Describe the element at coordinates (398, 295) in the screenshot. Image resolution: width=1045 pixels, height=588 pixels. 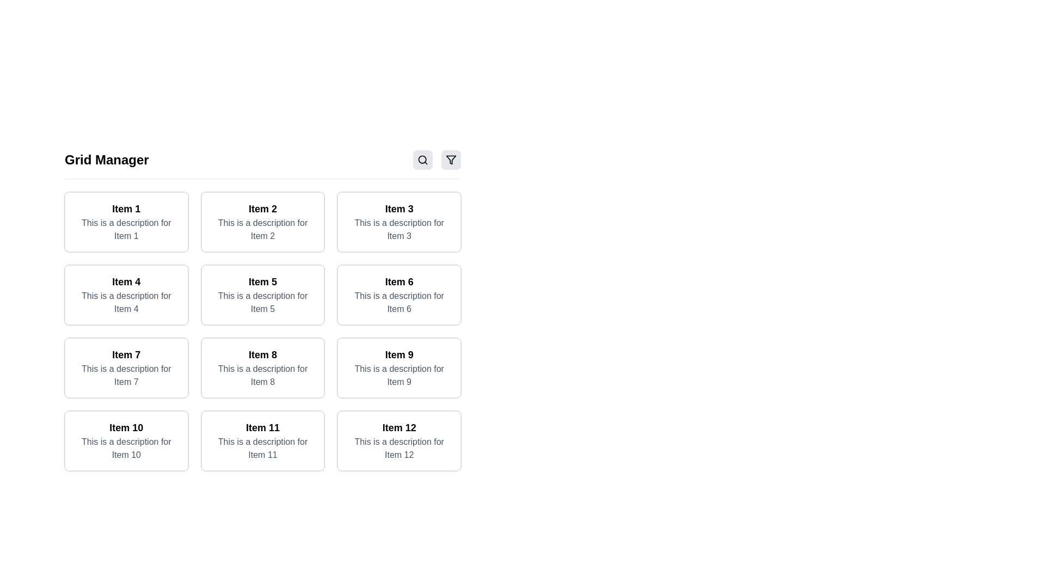
I see `information presented on the 'Item 6' card, which is the sixth card in a 3-column grid layout, located in the right column of the second row` at that location.